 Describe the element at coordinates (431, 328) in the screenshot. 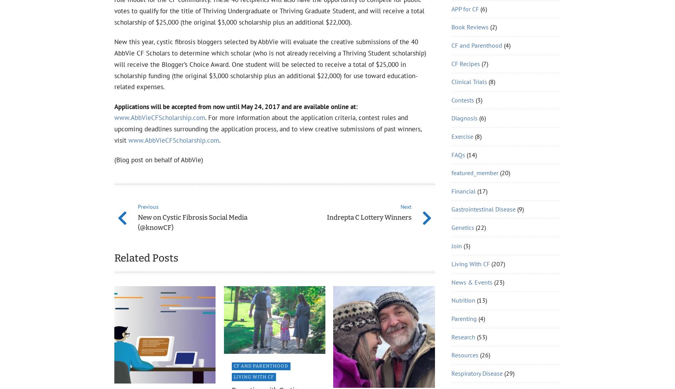

I see `'501(c)(3)'` at that location.